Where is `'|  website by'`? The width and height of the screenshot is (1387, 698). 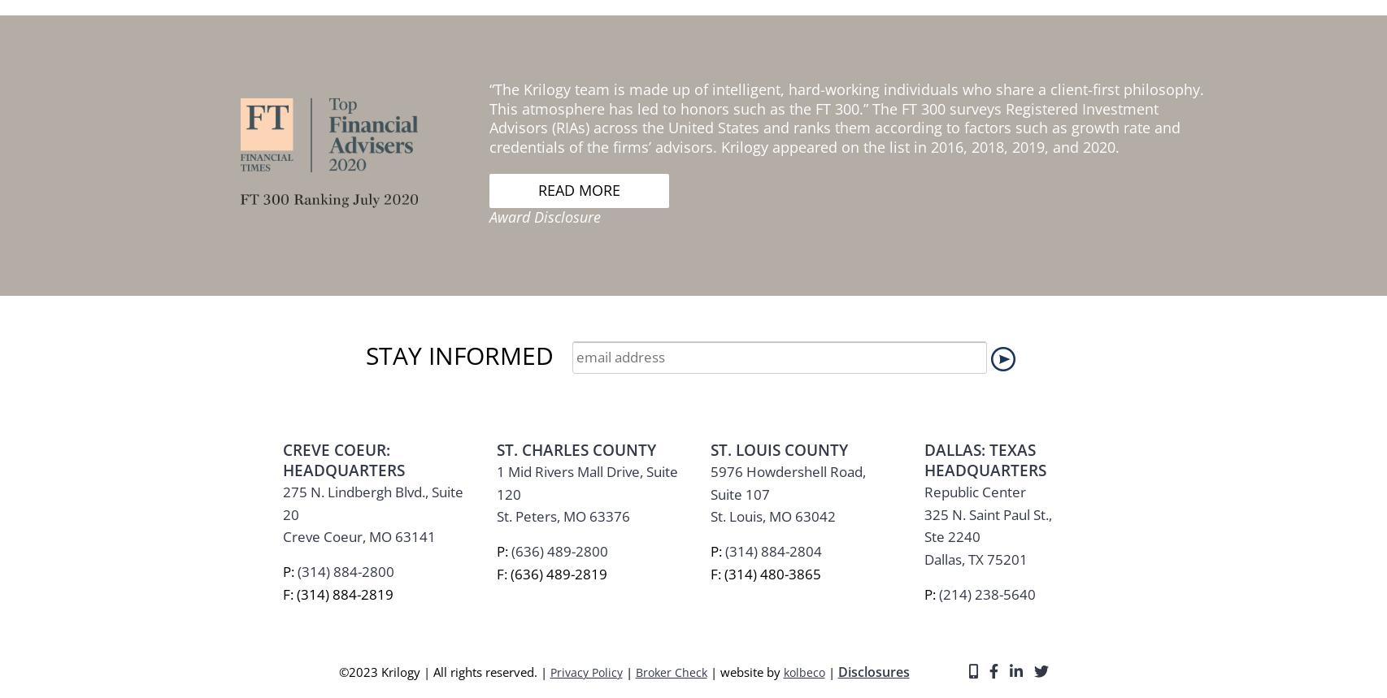 '|  website by' is located at coordinates (744, 243).